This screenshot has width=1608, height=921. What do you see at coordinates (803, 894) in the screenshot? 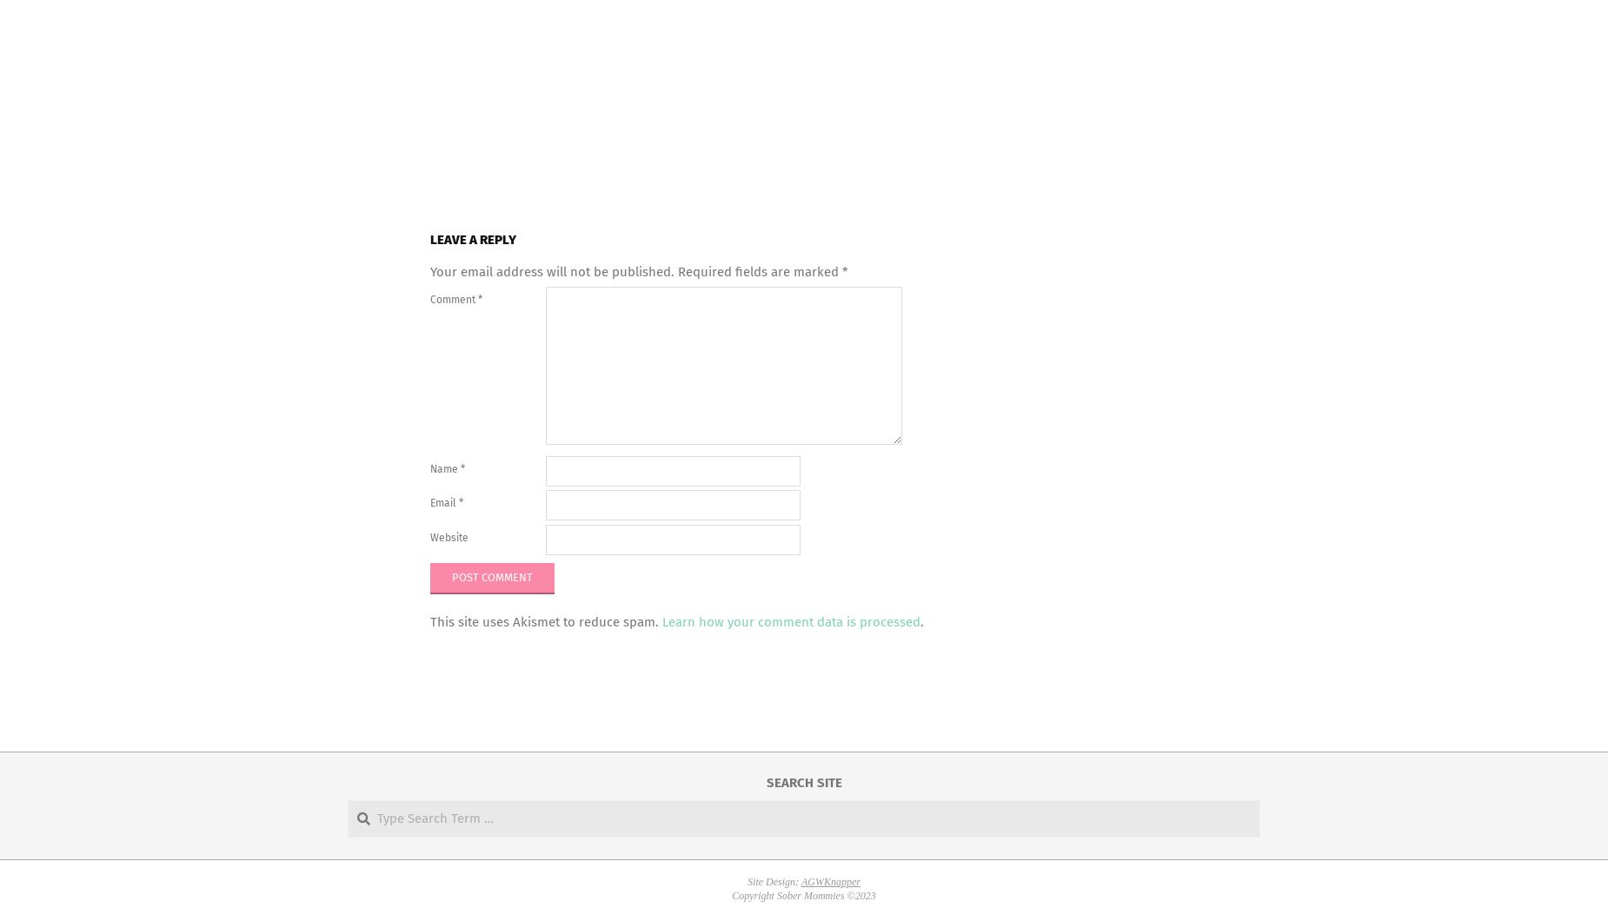
I see `'Copyright Sober Mommies ©2023'` at bounding box center [803, 894].